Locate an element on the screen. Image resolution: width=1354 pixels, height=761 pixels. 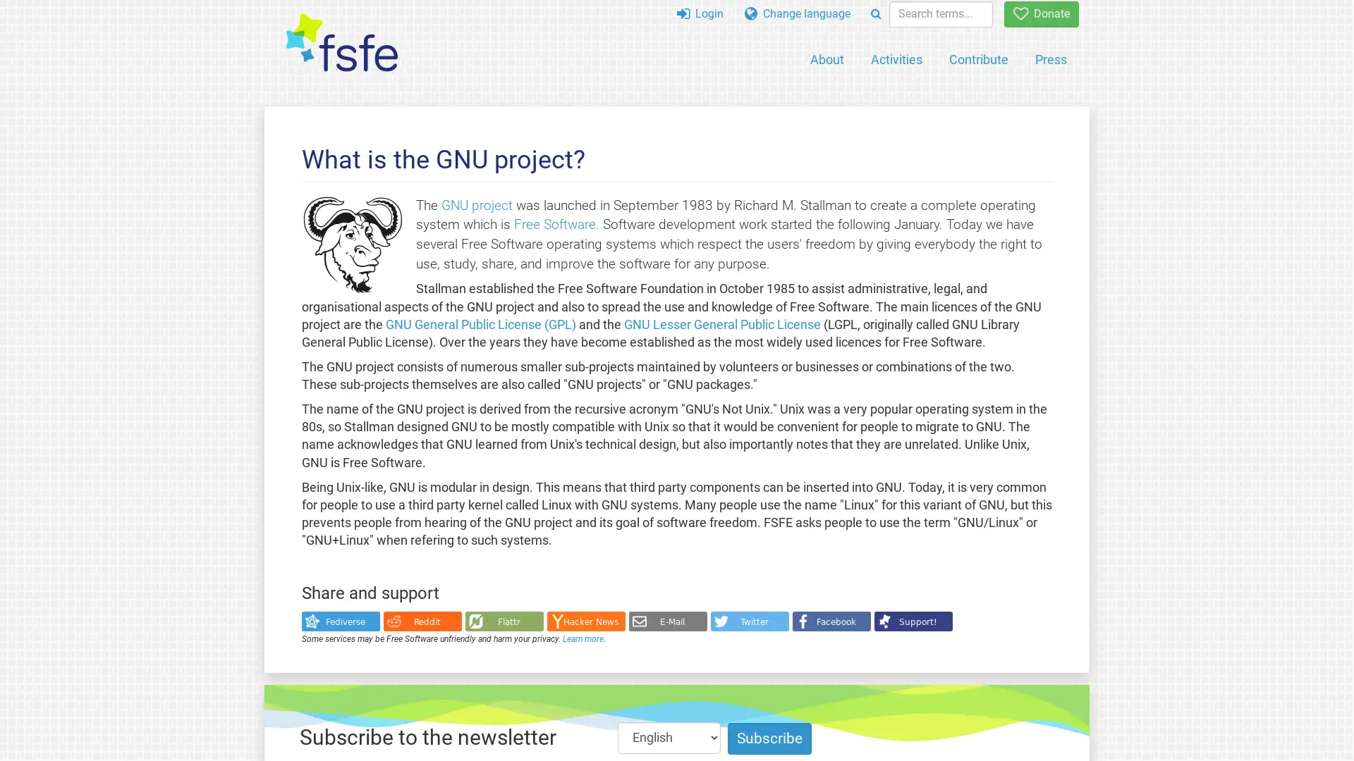
Reddit is located at coordinates (421, 621).